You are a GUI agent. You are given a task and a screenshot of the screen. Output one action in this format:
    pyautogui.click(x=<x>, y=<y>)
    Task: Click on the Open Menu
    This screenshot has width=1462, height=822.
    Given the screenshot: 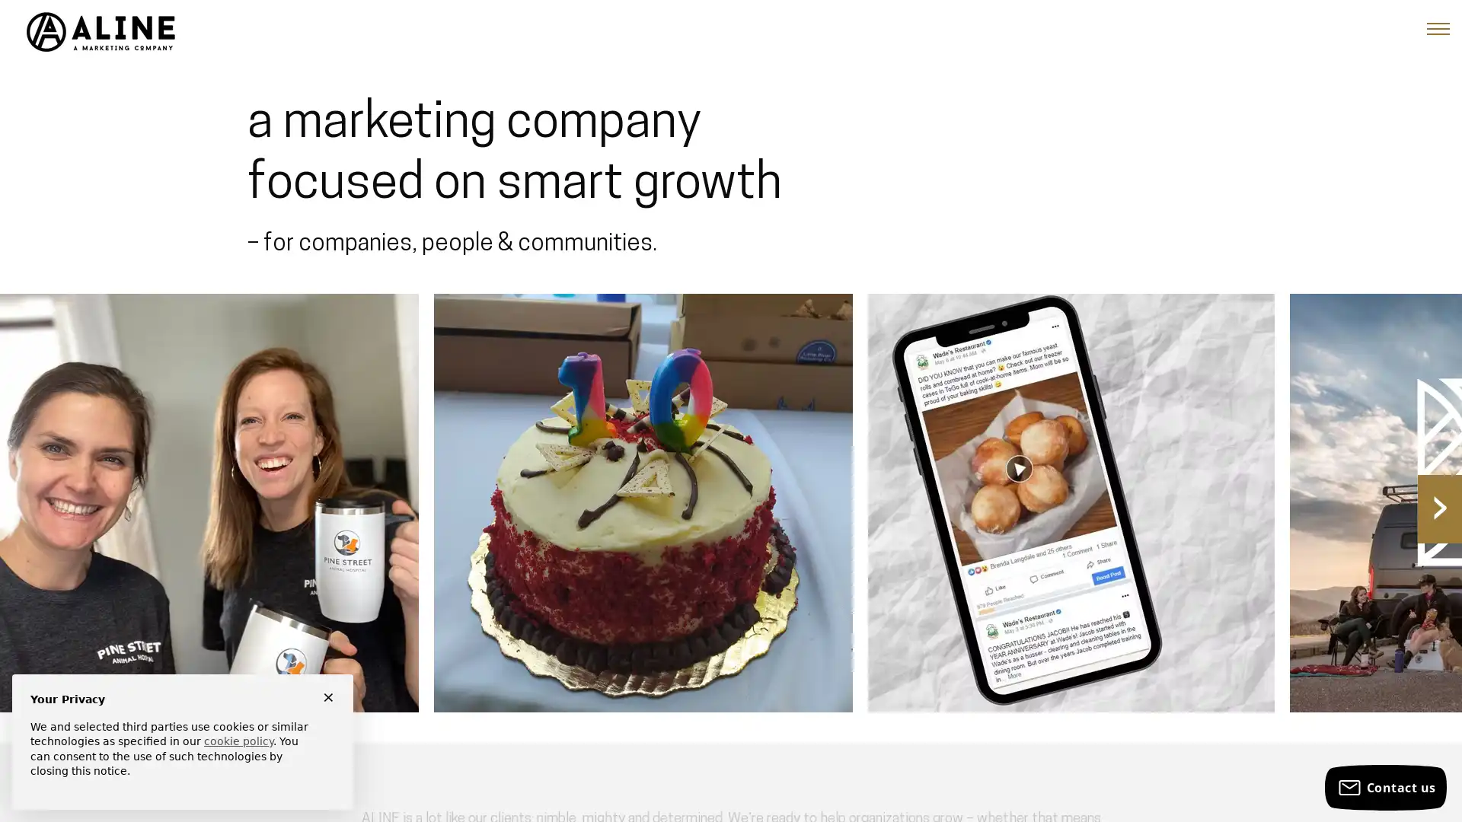 What is the action you would take?
    pyautogui.click(x=1438, y=29)
    